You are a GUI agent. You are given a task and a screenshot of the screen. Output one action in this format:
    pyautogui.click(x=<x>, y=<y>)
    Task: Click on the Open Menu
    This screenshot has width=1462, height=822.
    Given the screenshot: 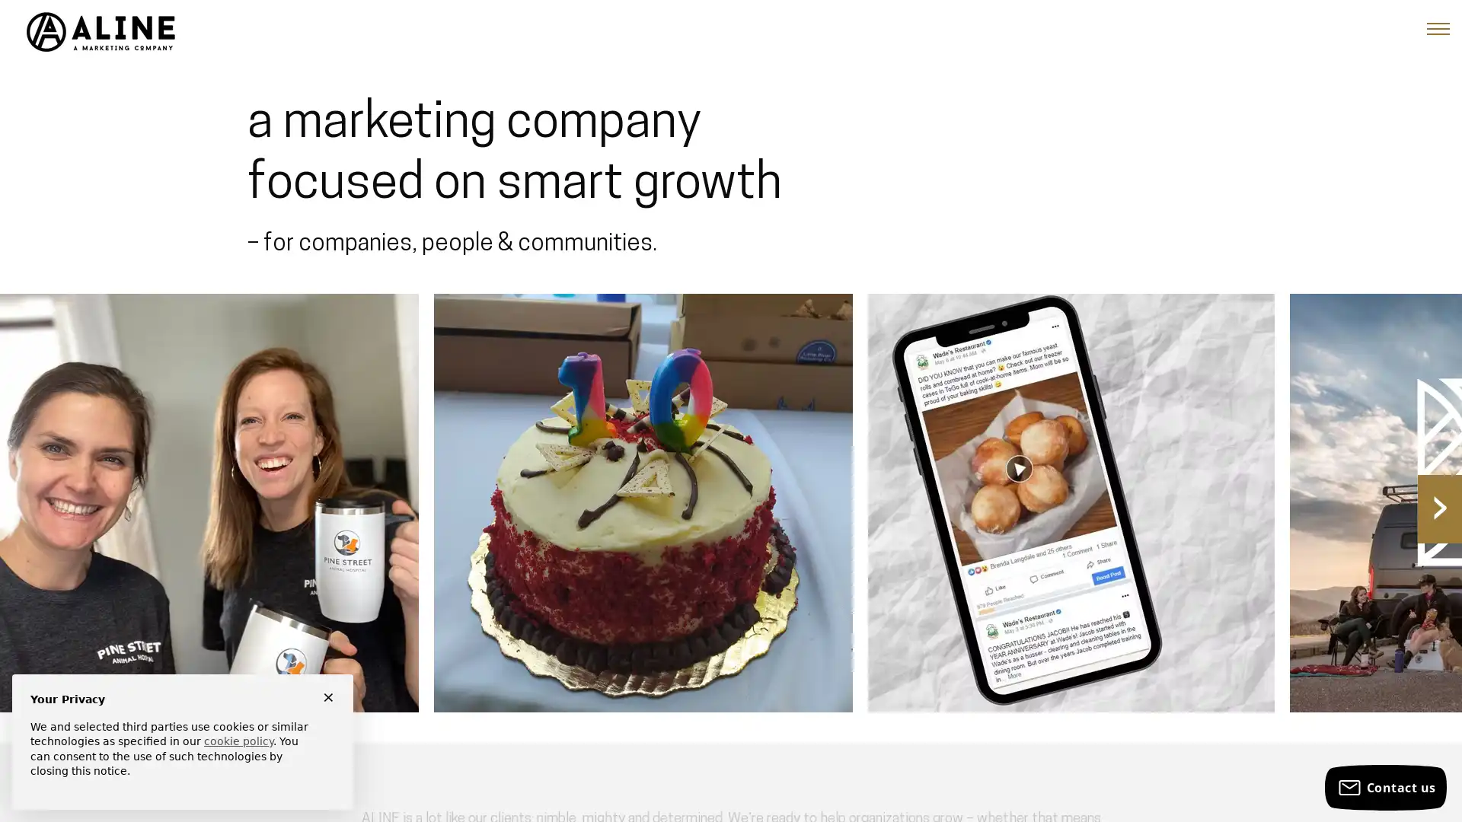 What is the action you would take?
    pyautogui.click(x=1438, y=29)
    